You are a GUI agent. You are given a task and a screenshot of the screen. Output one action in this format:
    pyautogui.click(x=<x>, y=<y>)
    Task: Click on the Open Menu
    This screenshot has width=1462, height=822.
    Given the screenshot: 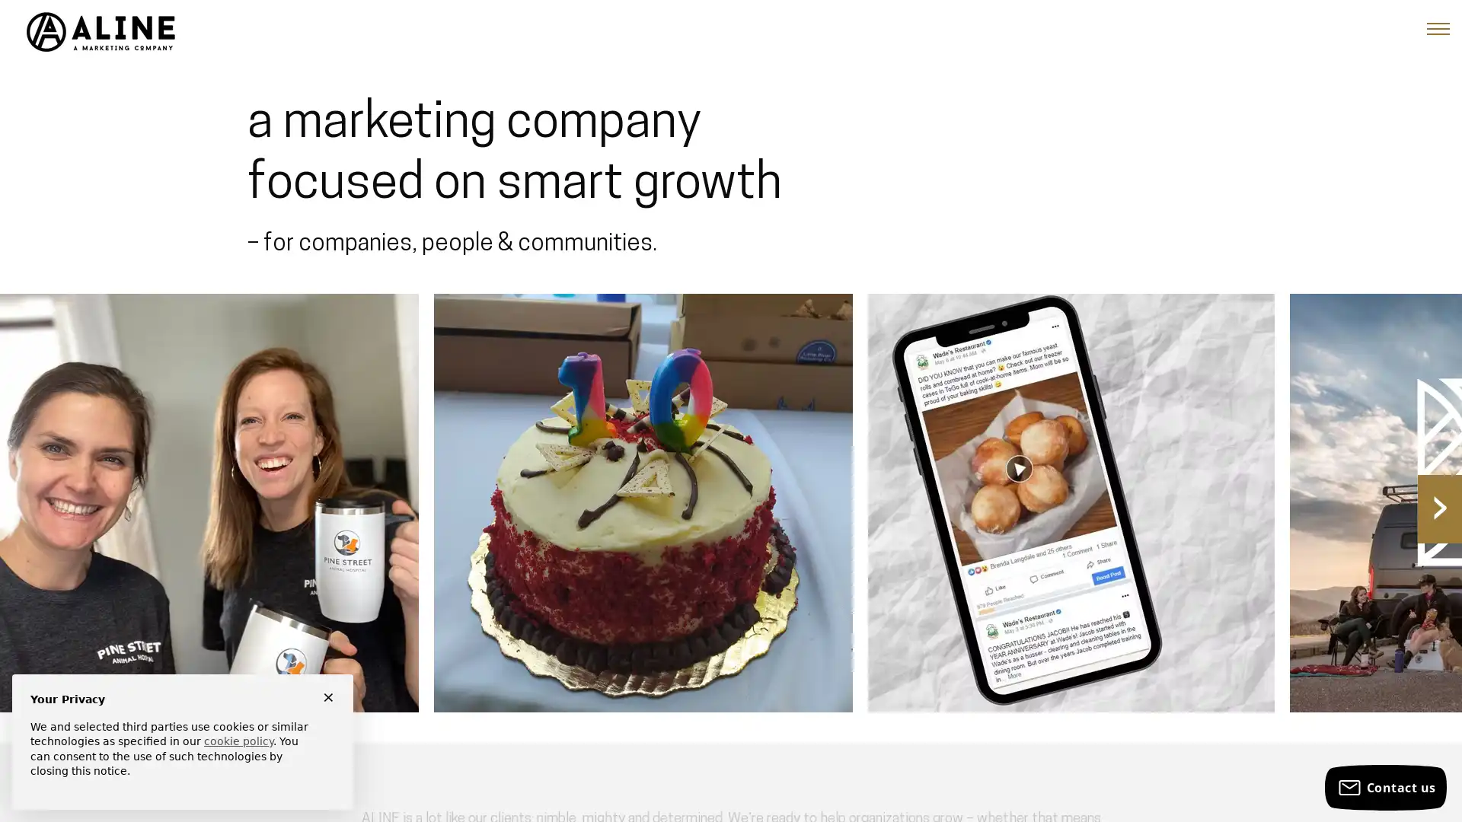 What is the action you would take?
    pyautogui.click(x=1438, y=29)
    